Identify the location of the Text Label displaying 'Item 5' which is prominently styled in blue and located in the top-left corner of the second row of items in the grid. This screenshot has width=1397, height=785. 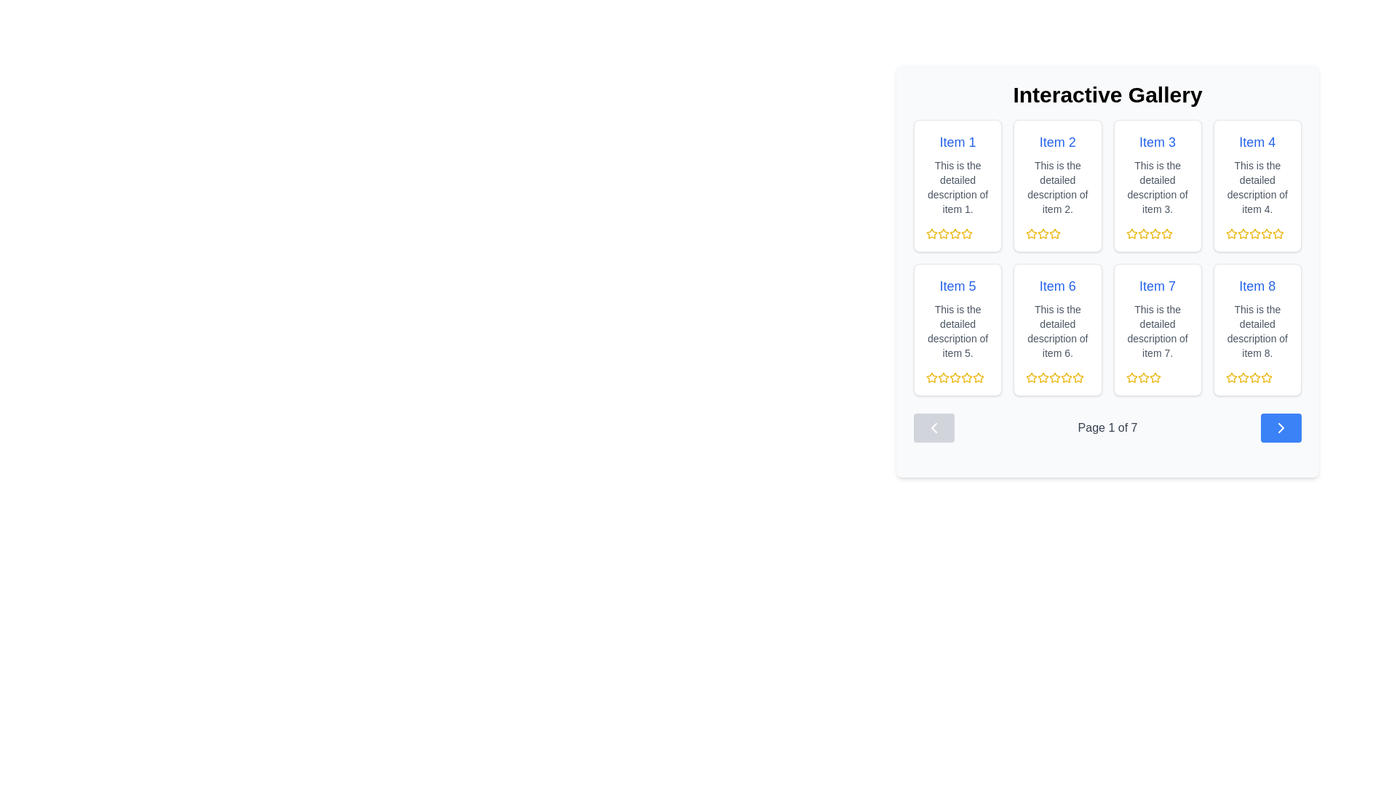
(958, 286).